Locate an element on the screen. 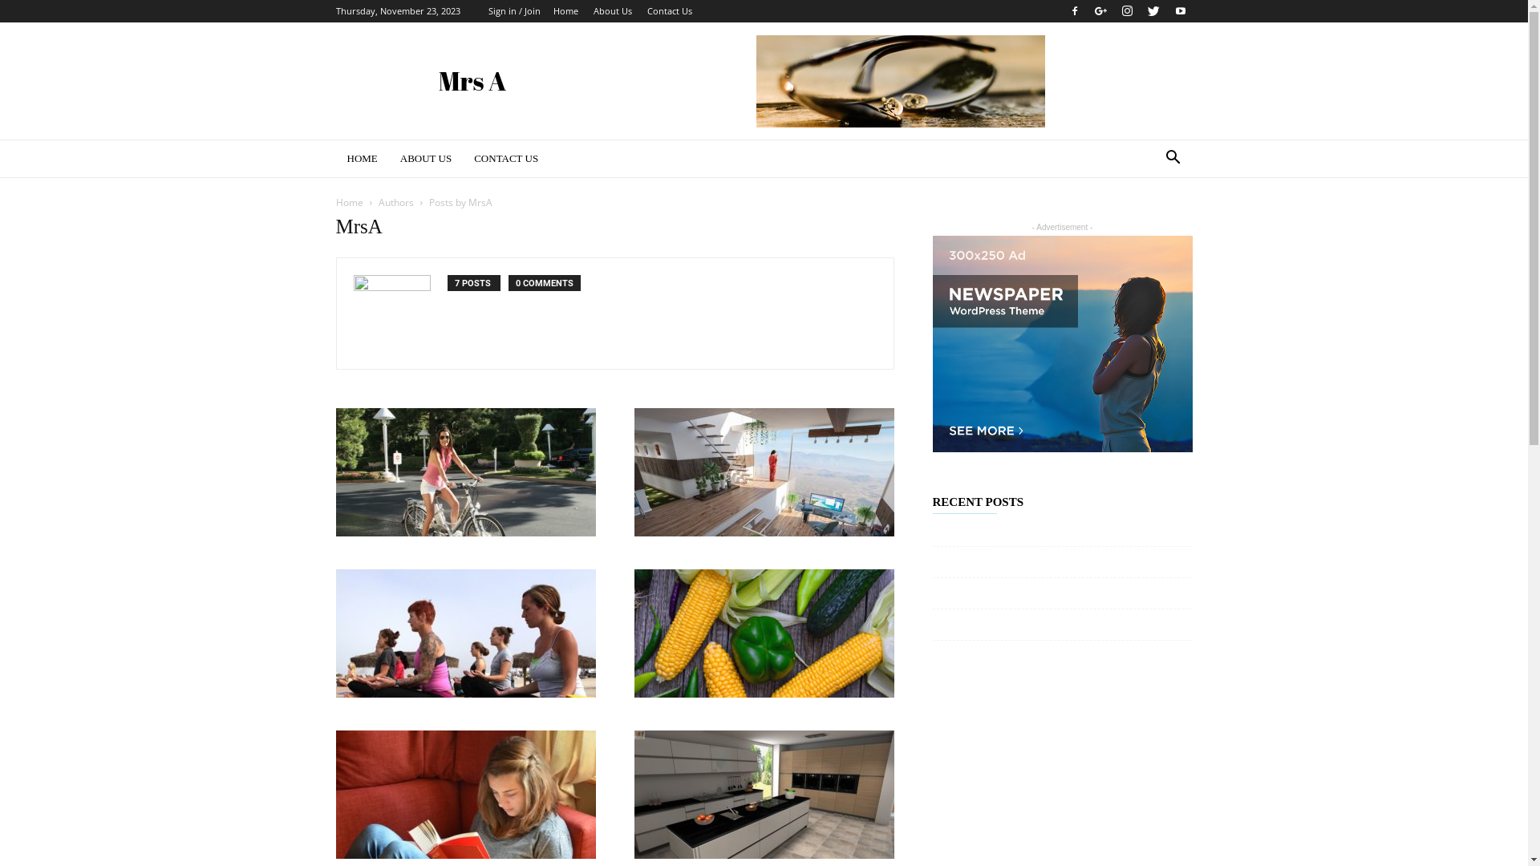 The image size is (1540, 866). 'Home' is located at coordinates (348, 201).